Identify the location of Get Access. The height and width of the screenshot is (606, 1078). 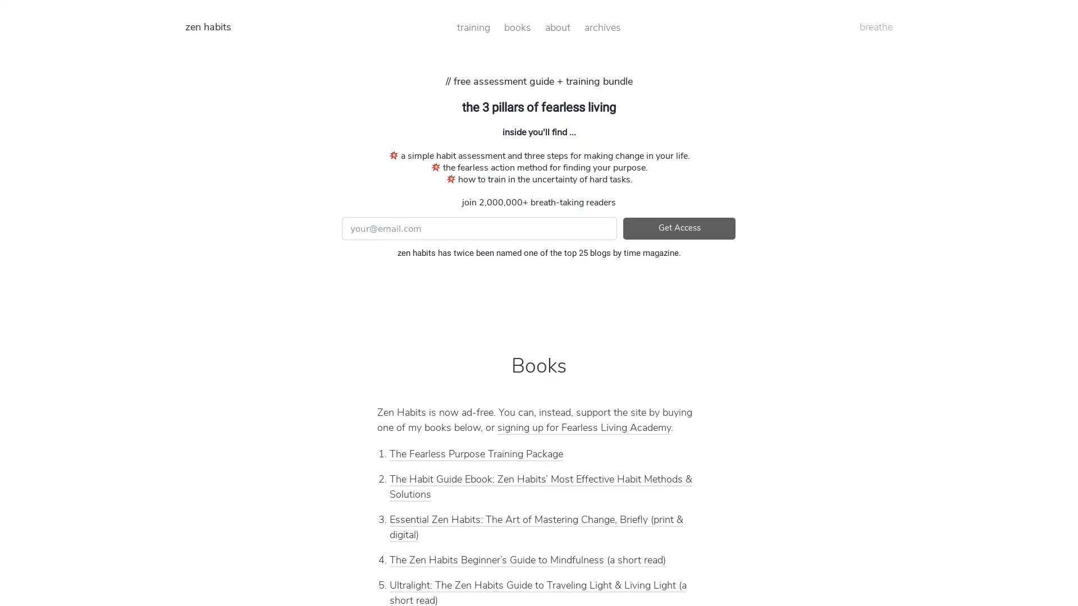
(678, 228).